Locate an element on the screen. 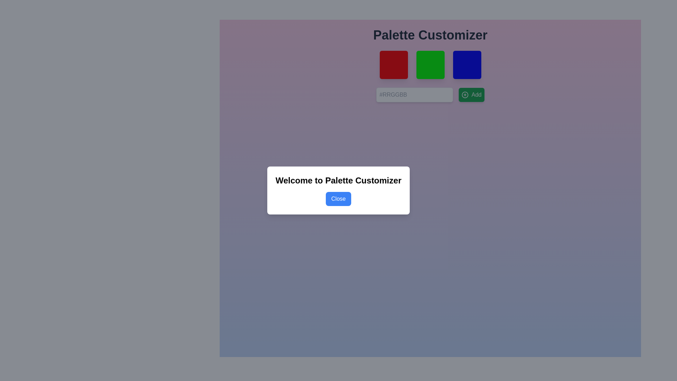 The height and width of the screenshot is (381, 677). the close button located at the bottom of the white dialog box, which is positioned below the text 'Welcome to Palette Customizer' is located at coordinates (338, 199).